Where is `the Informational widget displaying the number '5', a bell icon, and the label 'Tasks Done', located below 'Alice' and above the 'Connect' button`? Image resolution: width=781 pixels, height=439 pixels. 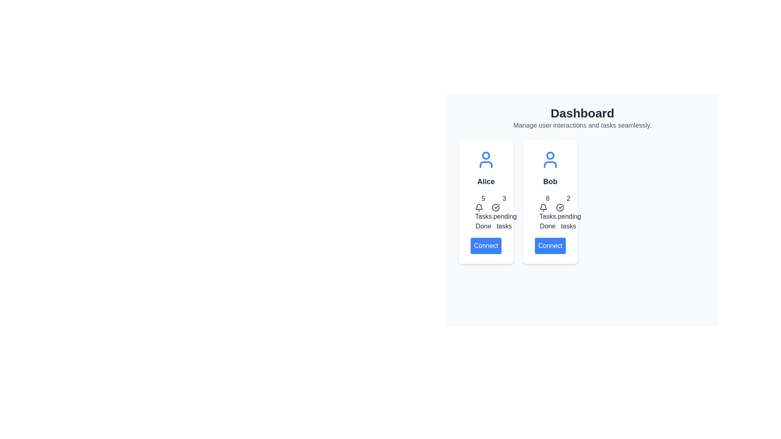 the Informational widget displaying the number '5', a bell icon, and the label 'Tasks Done', located below 'Alice' and above the 'Connect' button is located at coordinates (483, 212).